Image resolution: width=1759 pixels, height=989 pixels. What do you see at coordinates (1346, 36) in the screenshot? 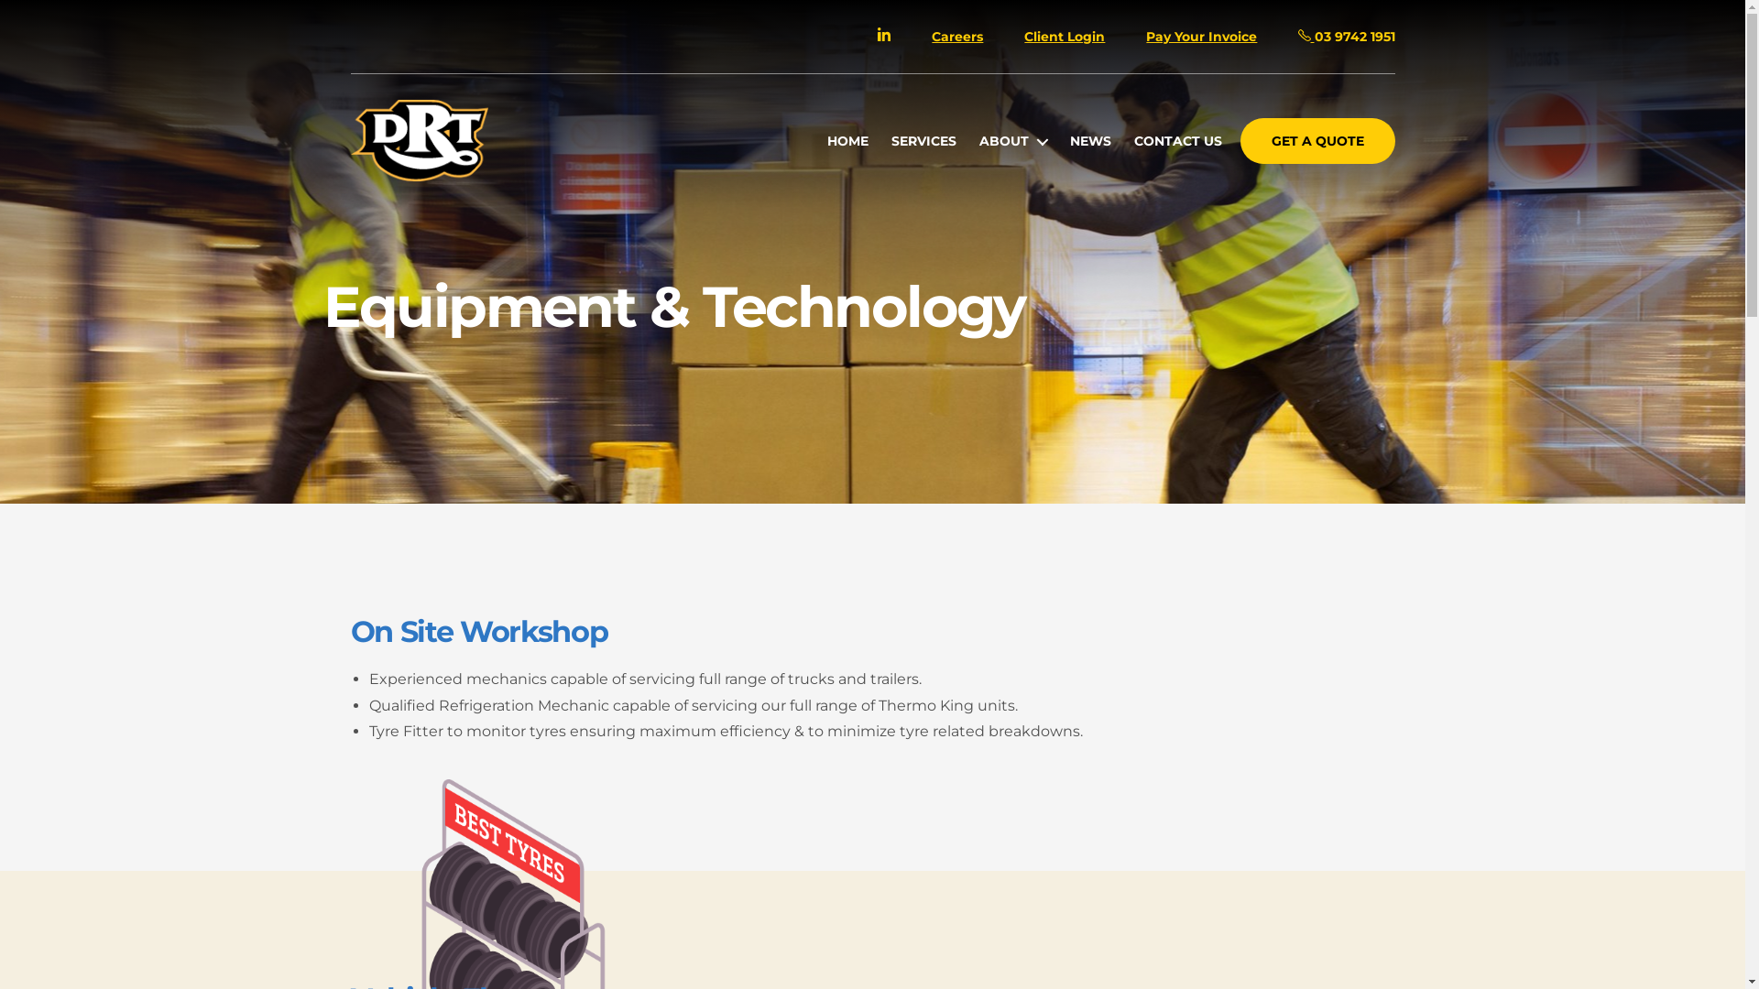
I see `'03 9742 1951'` at bounding box center [1346, 36].